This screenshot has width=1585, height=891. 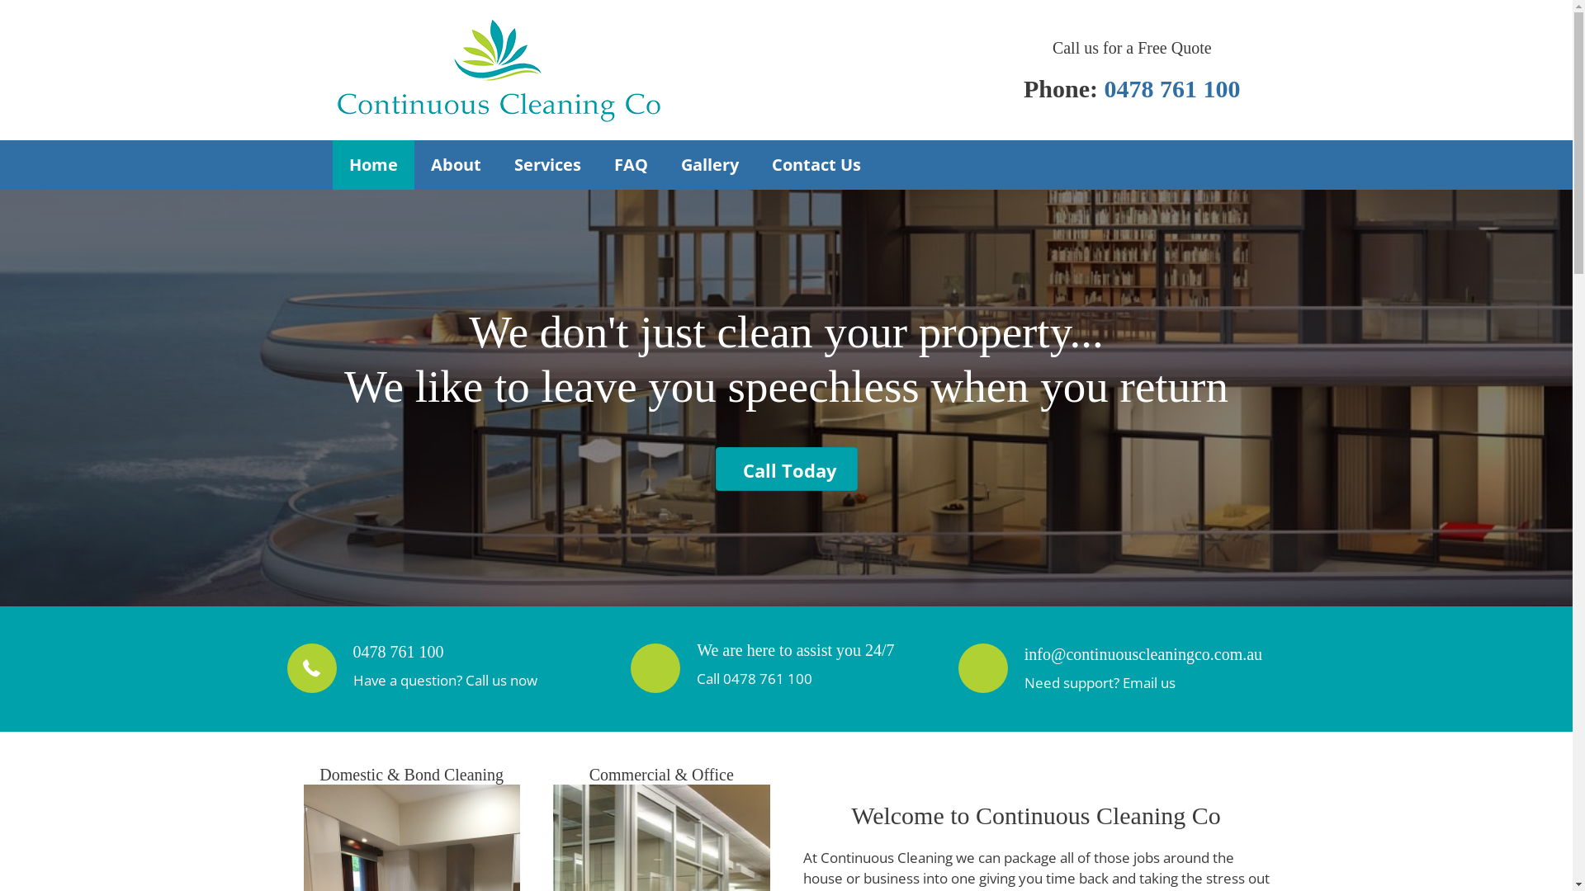 What do you see at coordinates (1171, 87) in the screenshot?
I see `'0478 761 100'` at bounding box center [1171, 87].